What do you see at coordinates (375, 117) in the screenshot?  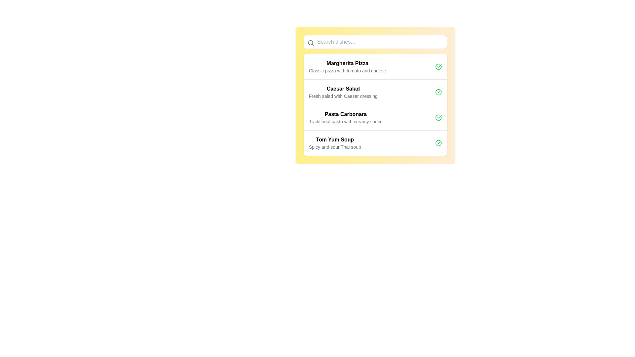 I see `the menu item for 'Pasta Carbonara'` at bounding box center [375, 117].